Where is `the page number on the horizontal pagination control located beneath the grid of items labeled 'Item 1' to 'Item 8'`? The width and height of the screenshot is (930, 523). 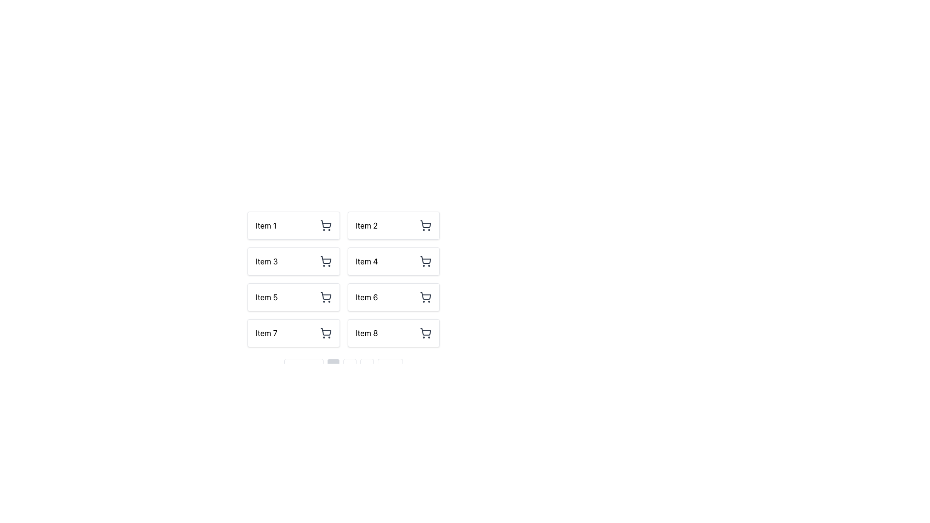
the page number on the horizontal pagination control located beneath the grid of items labeled 'Item 1' to 'Item 8' is located at coordinates (343, 369).